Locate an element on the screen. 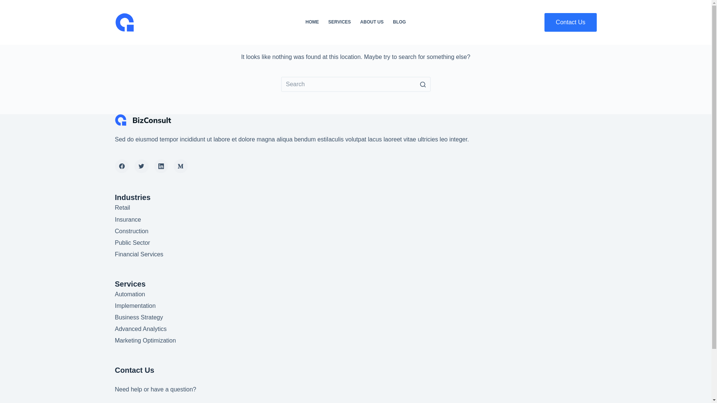 Image resolution: width=717 pixels, height=403 pixels. 'Public Sector' is located at coordinates (114, 243).